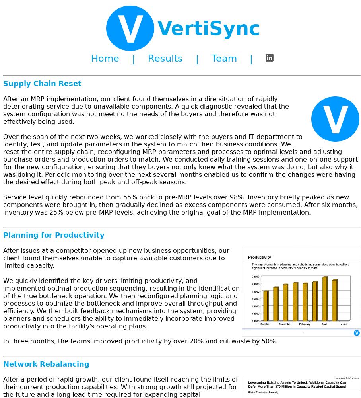 The image size is (361, 398). What do you see at coordinates (54, 234) in the screenshot?
I see `'Planning for Productivity'` at bounding box center [54, 234].